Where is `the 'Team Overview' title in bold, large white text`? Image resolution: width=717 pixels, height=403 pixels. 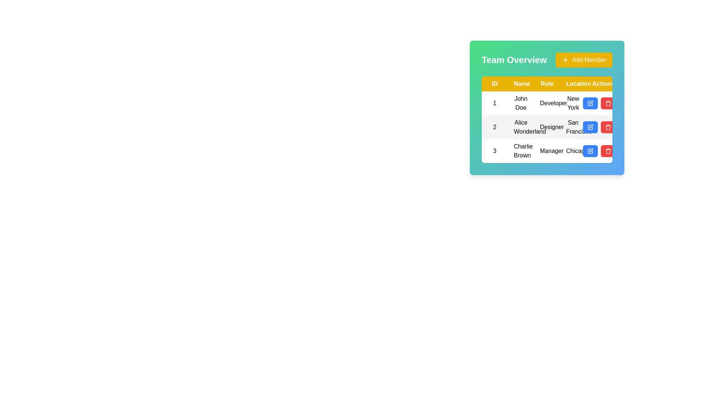
the 'Team Overview' title in bold, large white text is located at coordinates (547, 60).